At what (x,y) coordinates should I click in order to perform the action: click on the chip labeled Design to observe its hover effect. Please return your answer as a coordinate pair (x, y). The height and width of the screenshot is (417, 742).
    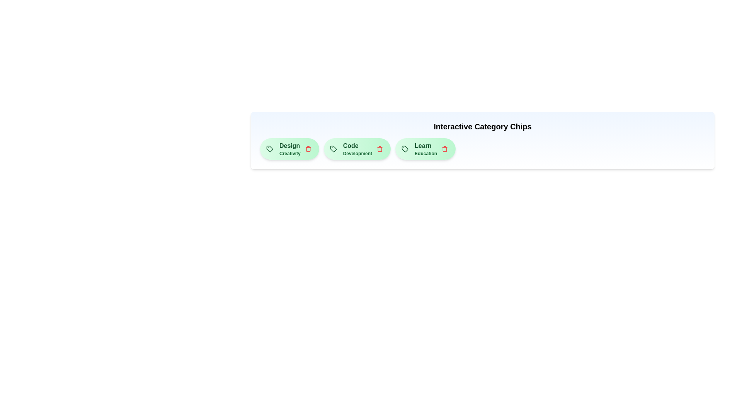
    Looking at the image, I should click on (289, 149).